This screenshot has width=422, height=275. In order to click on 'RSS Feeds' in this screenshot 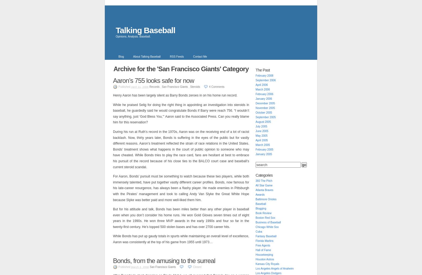, I will do `click(176, 57)`.